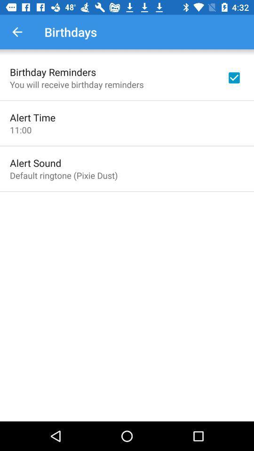 The width and height of the screenshot is (254, 451). I want to click on icon above the 11:00 item, so click(32, 117).